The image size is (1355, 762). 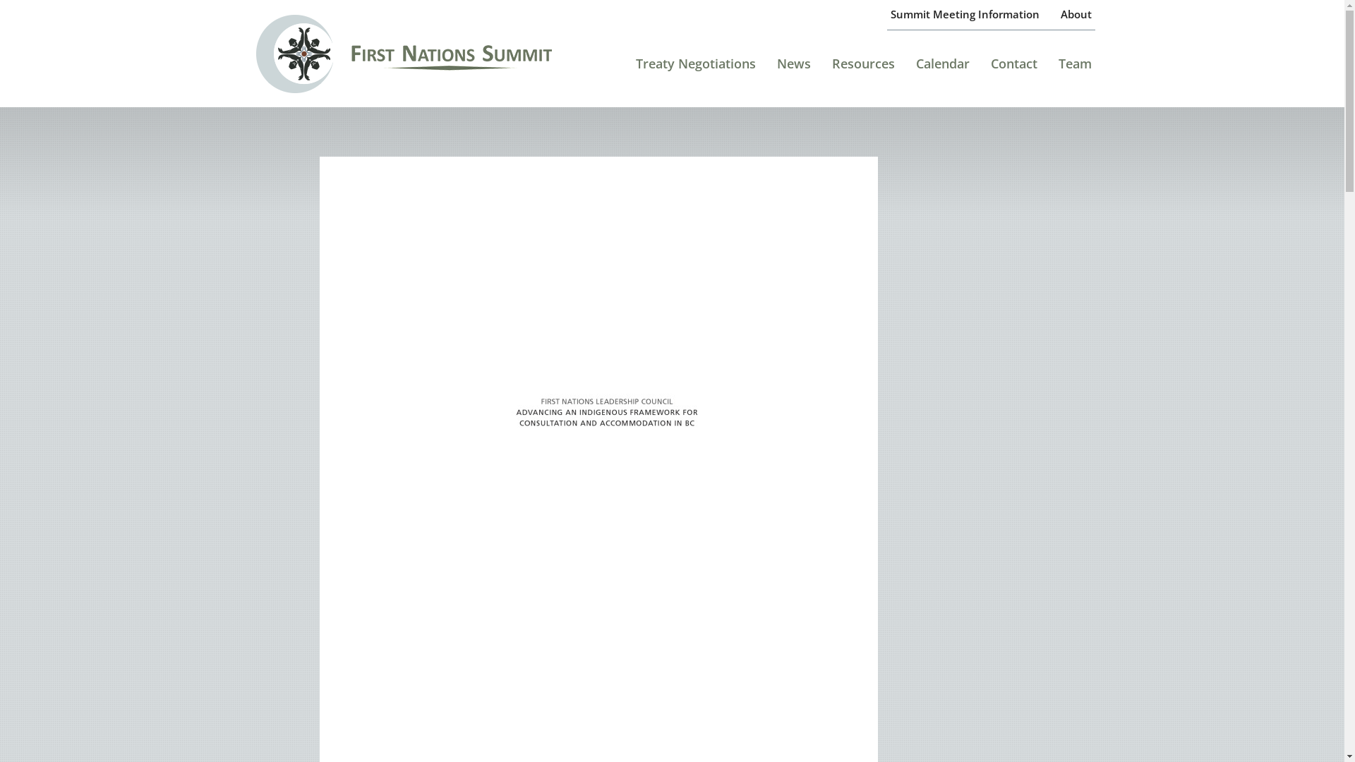 What do you see at coordinates (964, 14) in the screenshot?
I see `'Summit Meeting Information'` at bounding box center [964, 14].